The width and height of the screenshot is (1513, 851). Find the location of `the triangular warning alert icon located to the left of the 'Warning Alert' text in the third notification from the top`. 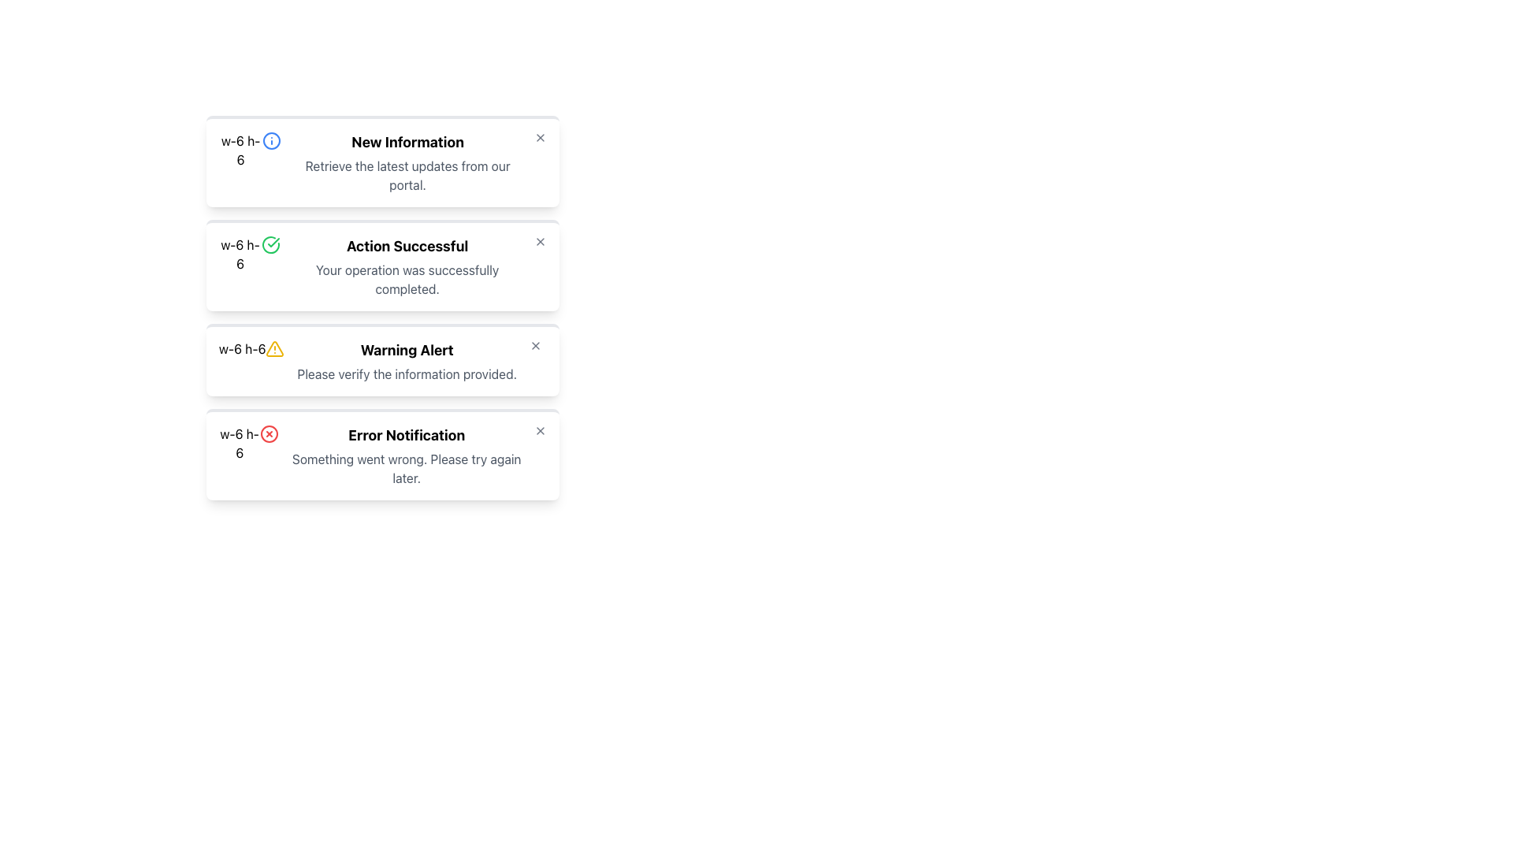

the triangular warning alert icon located to the left of the 'Warning Alert' text in the third notification from the top is located at coordinates (275, 347).